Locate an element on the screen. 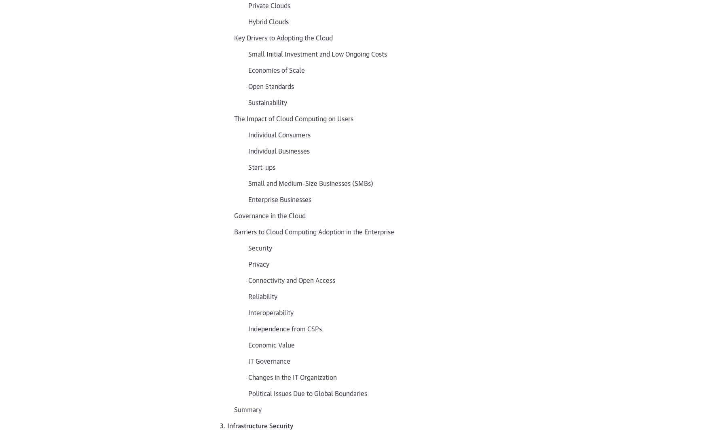 Image resolution: width=721 pixels, height=436 pixels. 'Security' is located at coordinates (260, 247).